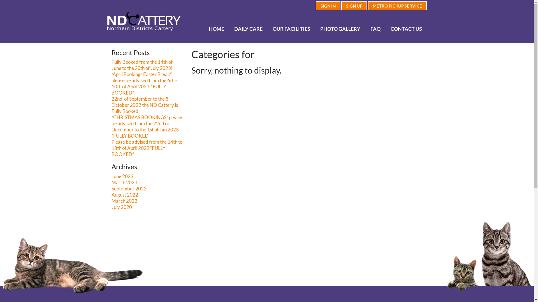 This screenshot has width=538, height=302. I want to click on 'March 2022', so click(112, 200).